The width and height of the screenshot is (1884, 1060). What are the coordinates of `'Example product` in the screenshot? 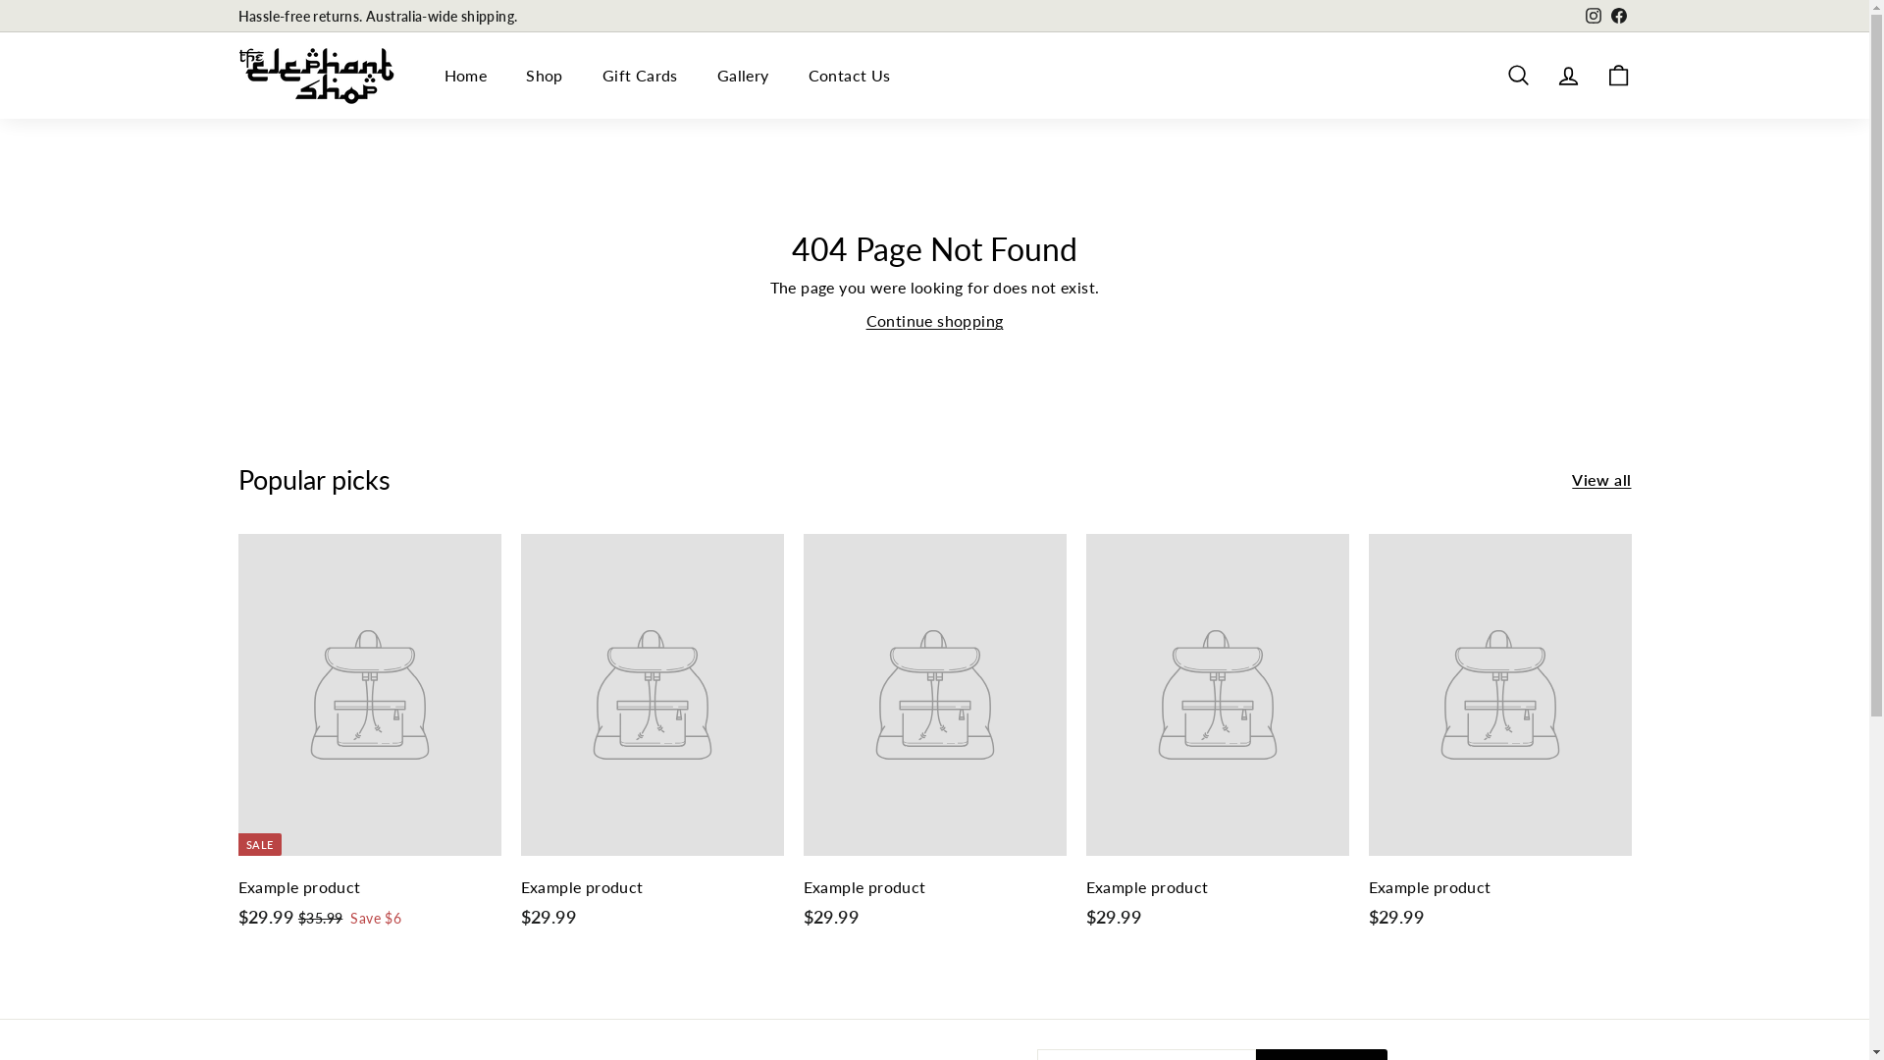 It's located at (802, 742).